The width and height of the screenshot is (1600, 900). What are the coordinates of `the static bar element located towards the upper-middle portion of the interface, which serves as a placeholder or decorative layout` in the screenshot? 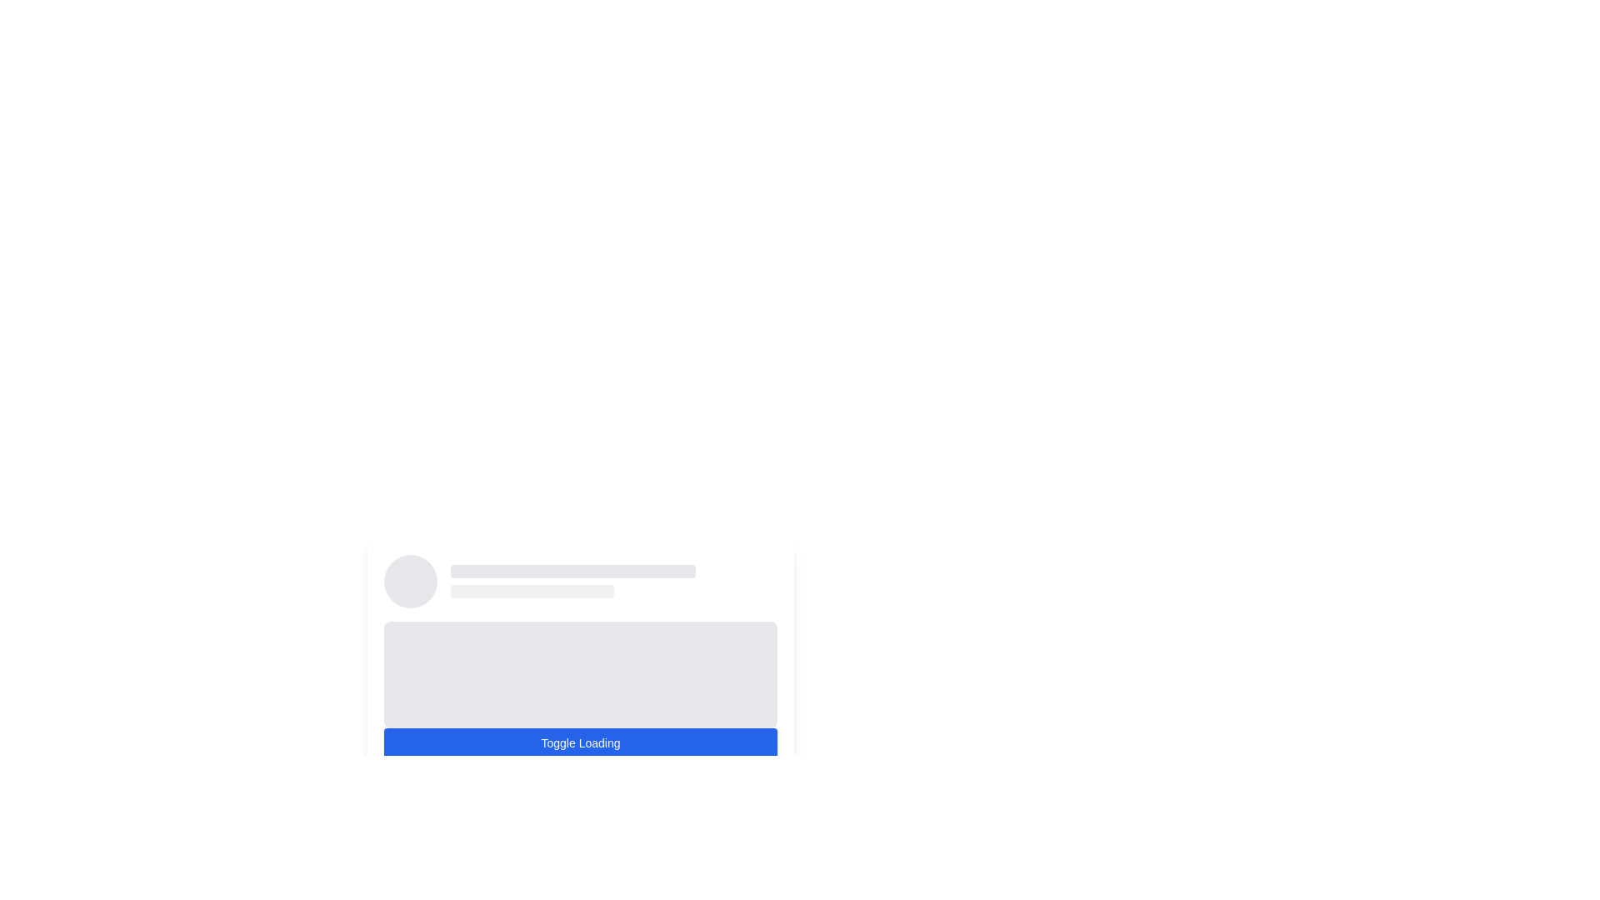 It's located at (531, 590).